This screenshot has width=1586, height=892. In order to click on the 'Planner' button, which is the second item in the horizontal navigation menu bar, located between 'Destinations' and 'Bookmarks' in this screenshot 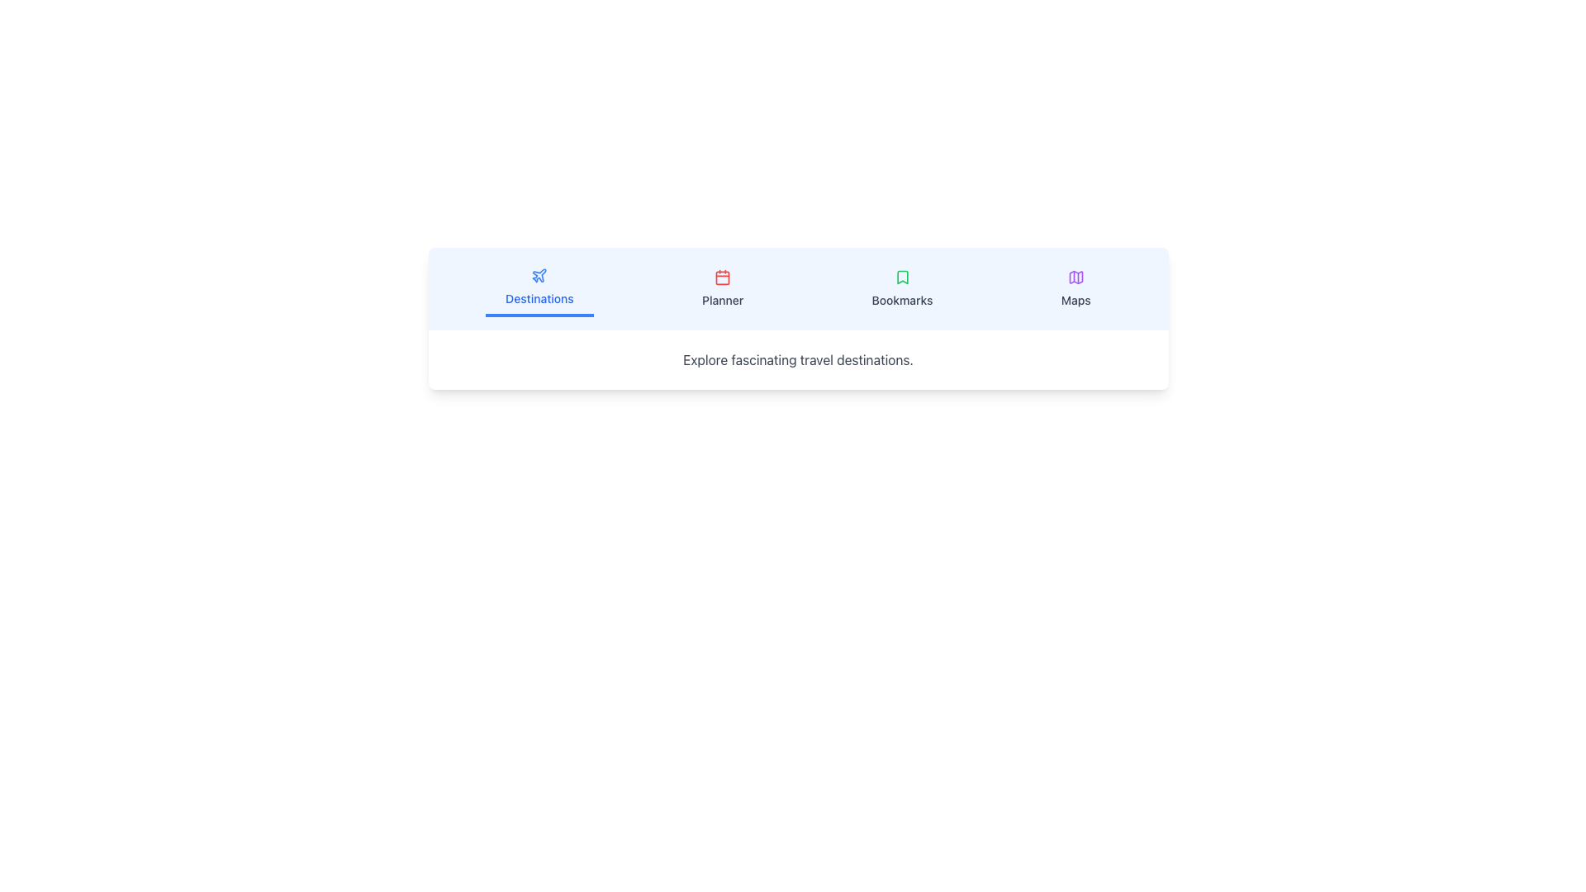, I will do `click(723, 288)`.